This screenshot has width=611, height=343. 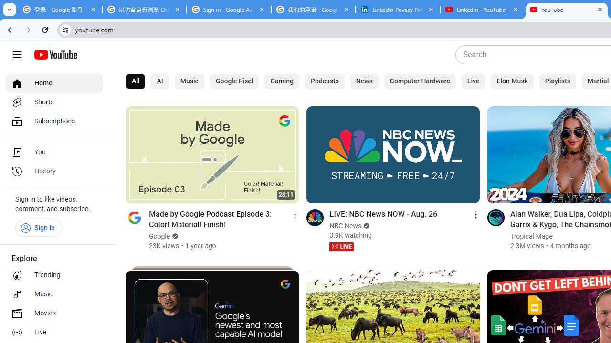 I want to click on 'LinkedIn Privacy Policy', so click(x=398, y=10).